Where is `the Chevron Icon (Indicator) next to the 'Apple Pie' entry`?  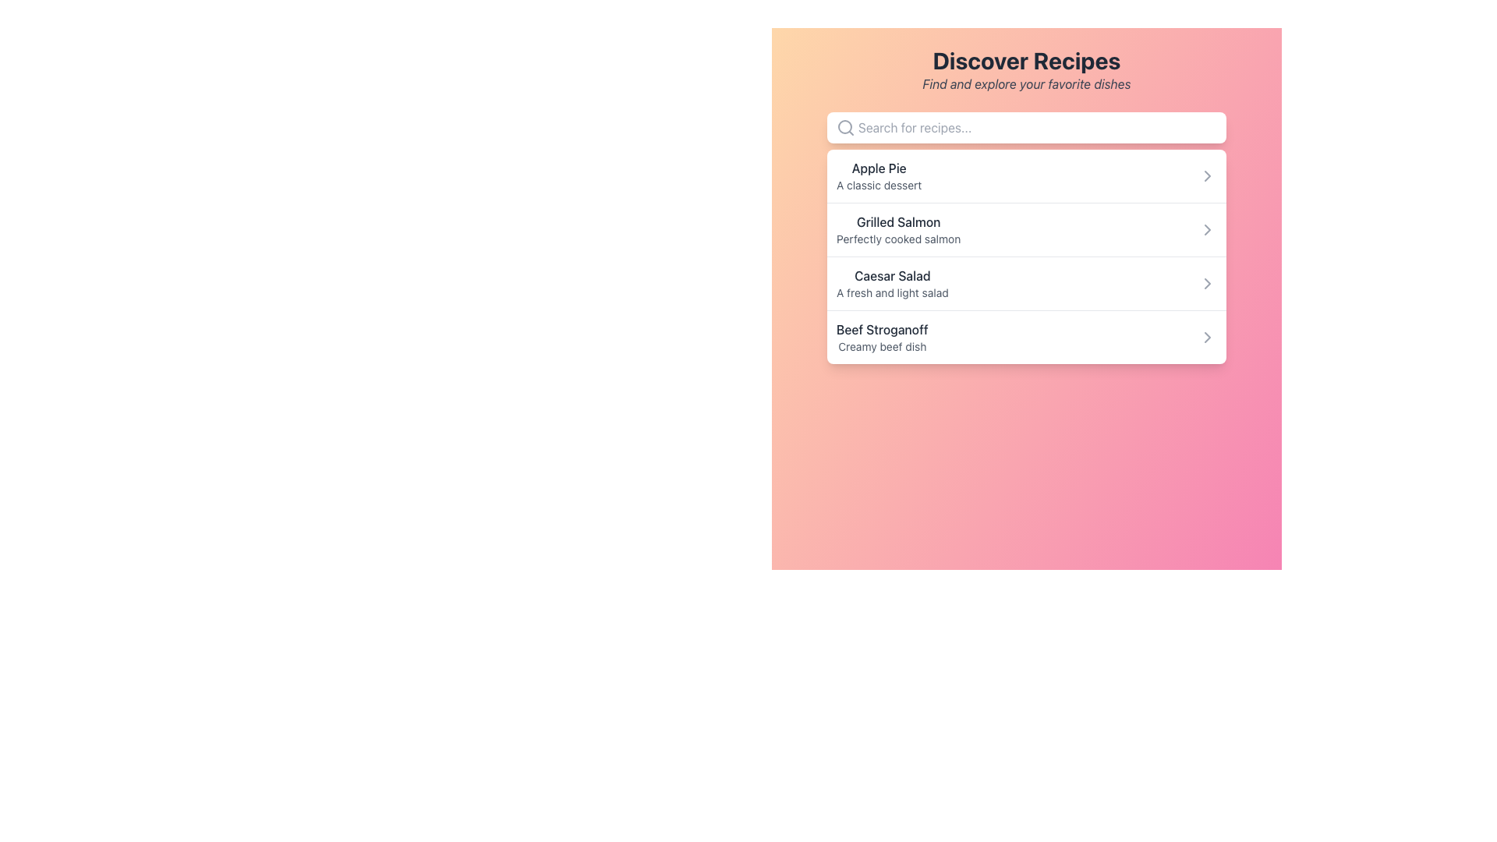
the Chevron Icon (Indicator) next to the 'Apple Pie' entry is located at coordinates (1207, 175).